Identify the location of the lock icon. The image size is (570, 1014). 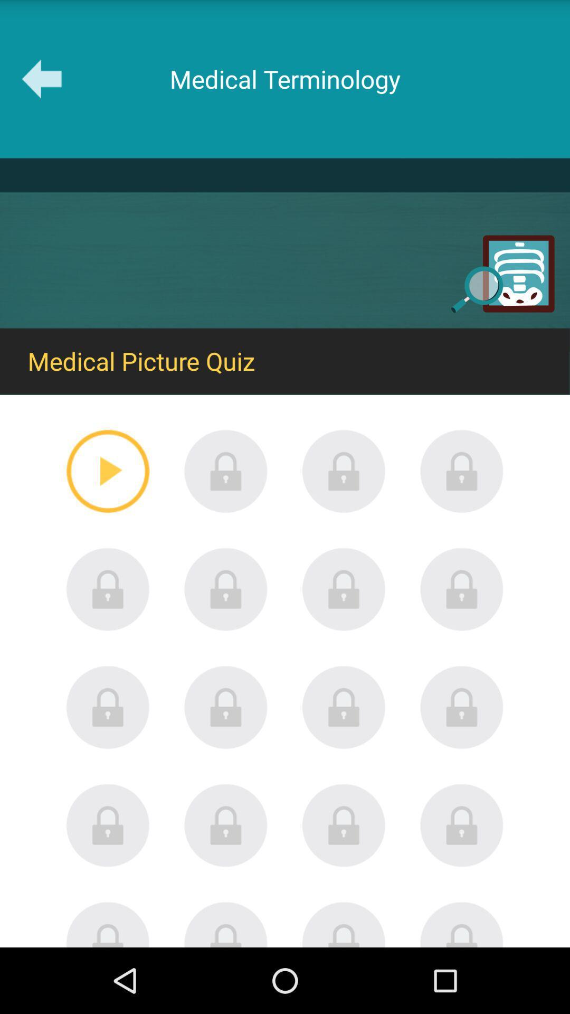
(461, 631).